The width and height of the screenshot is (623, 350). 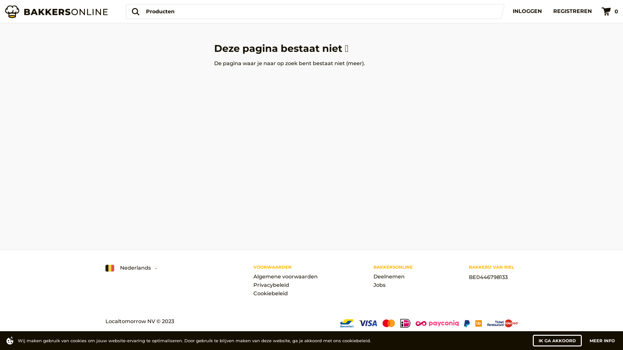 I want to click on 'Nederlands', so click(x=105, y=268).